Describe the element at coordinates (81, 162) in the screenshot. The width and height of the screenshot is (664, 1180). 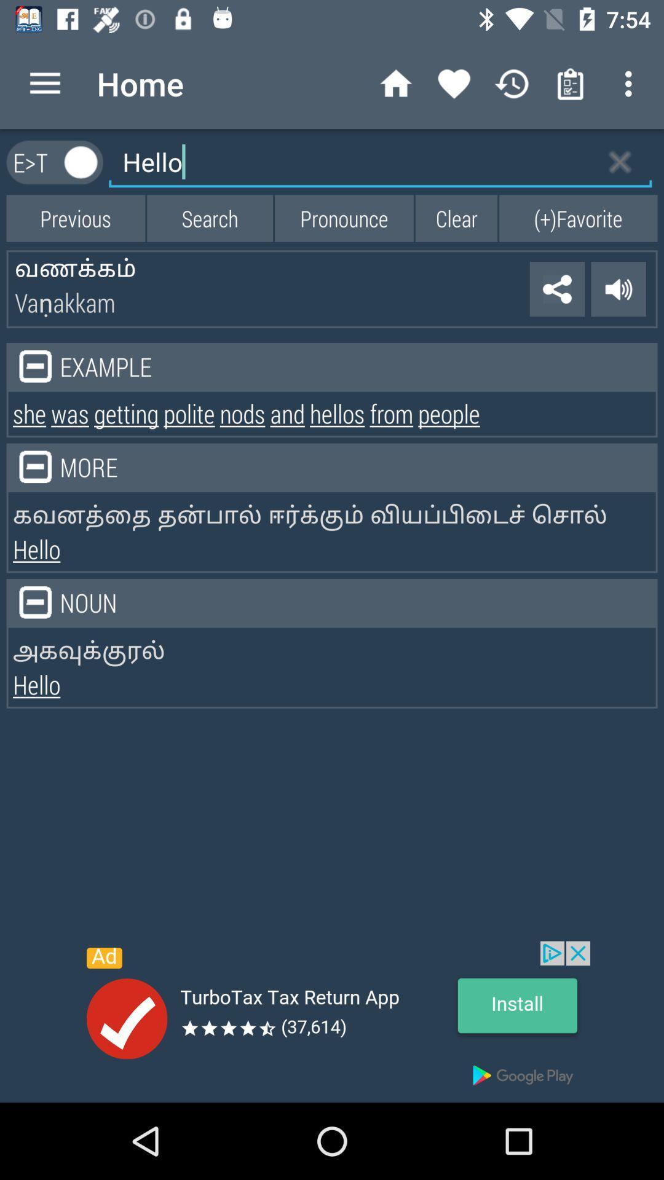
I see `change language translation` at that location.